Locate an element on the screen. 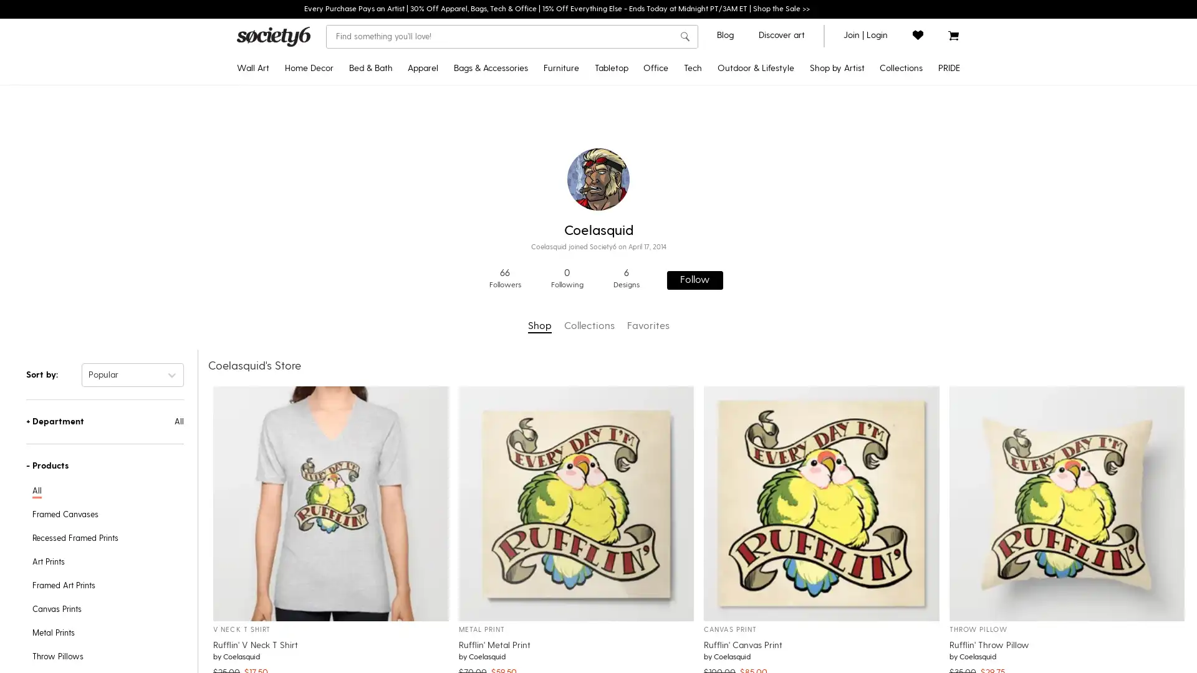 The height and width of the screenshot is (673, 1197). Blackout Curtains is located at coordinates (332, 199).